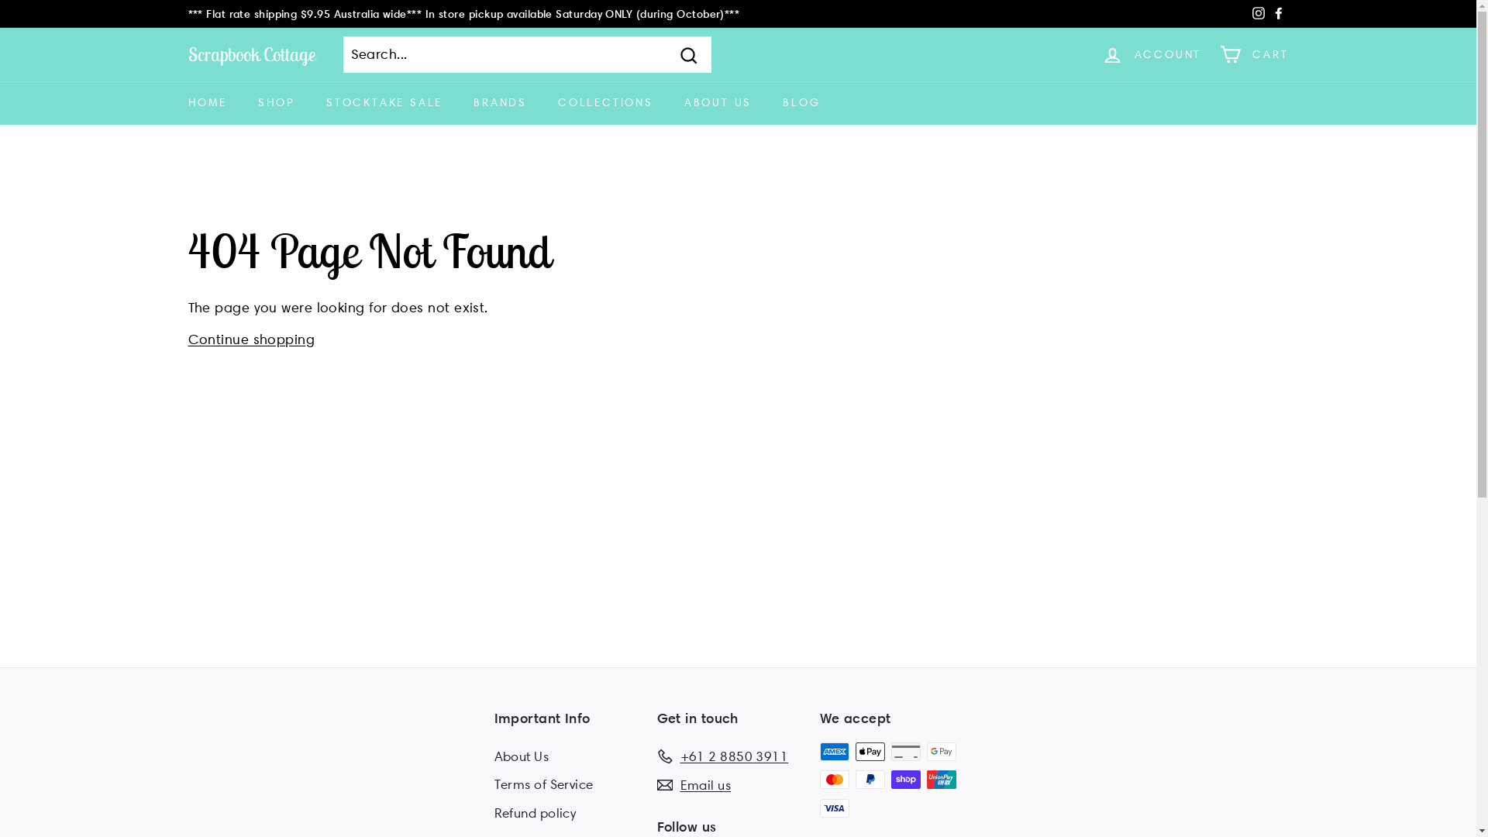 The image size is (1488, 837). What do you see at coordinates (604, 102) in the screenshot?
I see `'COLLECTIONS'` at bounding box center [604, 102].